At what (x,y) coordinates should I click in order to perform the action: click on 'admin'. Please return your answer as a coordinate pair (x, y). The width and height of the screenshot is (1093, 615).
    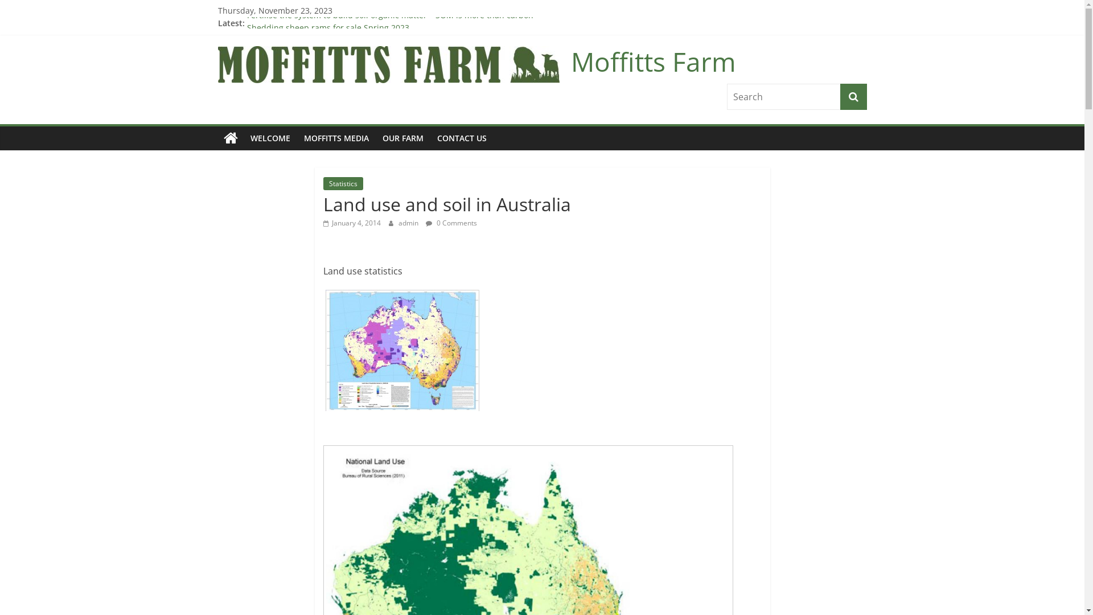
    Looking at the image, I should click on (409, 223).